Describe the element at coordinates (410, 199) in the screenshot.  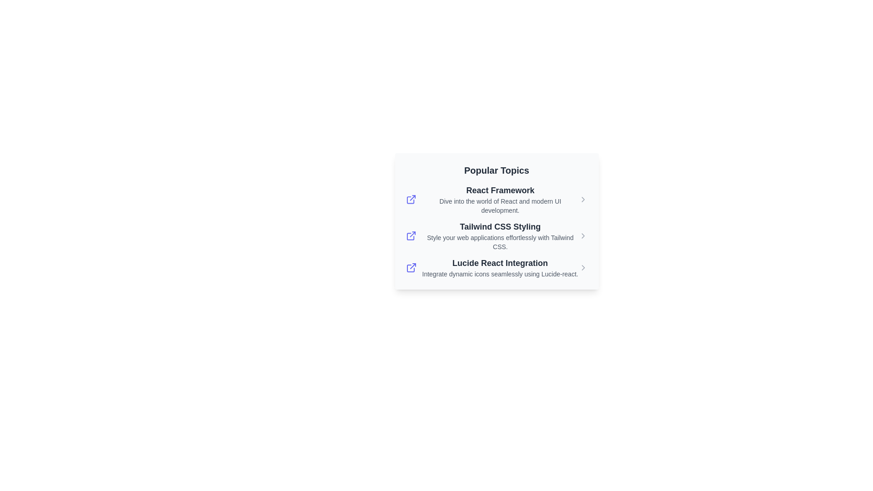
I see `the external link icon associated with the 'React Framework' title, which is the first visual element in a horizontal sequence` at that location.